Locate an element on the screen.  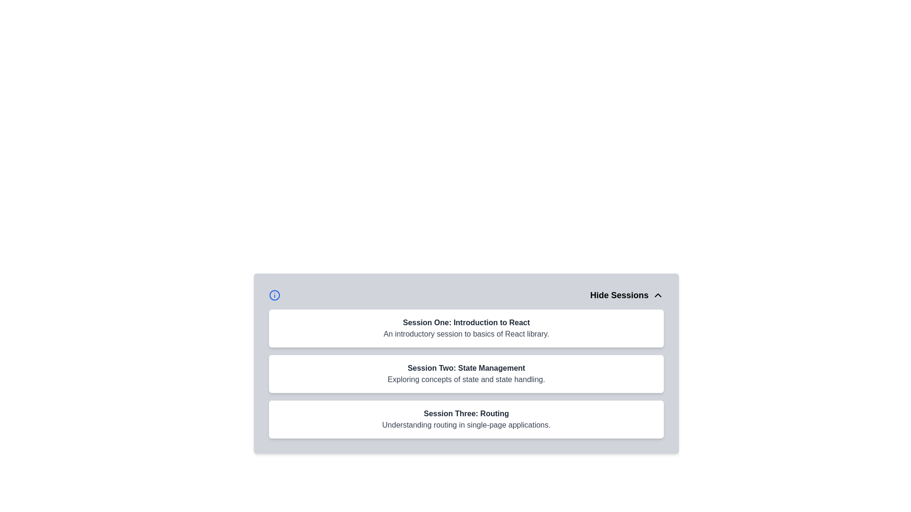
the static text element styled as a header, which provides a title for the card it resides in, located at the top of the card towards the bottom of a vertically-aligned list is located at coordinates (466, 413).